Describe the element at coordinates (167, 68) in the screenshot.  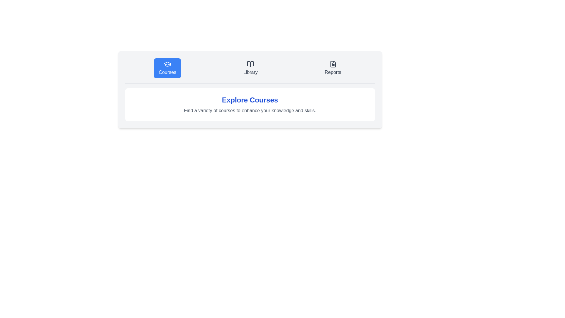
I see `the Courses tab to view its content` at that location.